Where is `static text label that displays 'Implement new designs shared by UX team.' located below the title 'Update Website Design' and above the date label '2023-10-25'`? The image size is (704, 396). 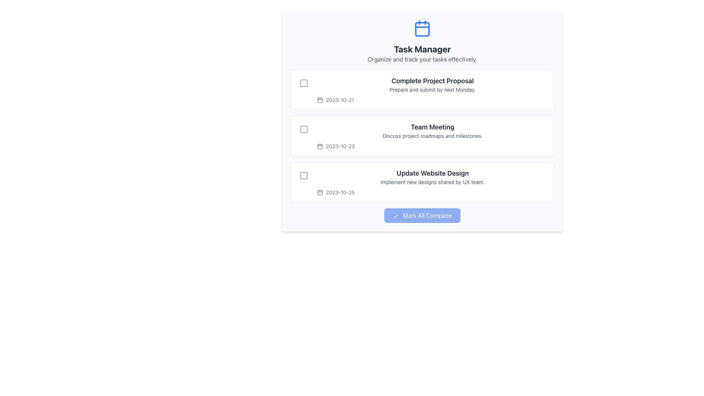 static text label that displays 'Implement new designs shared by UX team.' located below the title 'Update Website Design' and above the date label '2023-10-25' is located at coordinates (433, 182).